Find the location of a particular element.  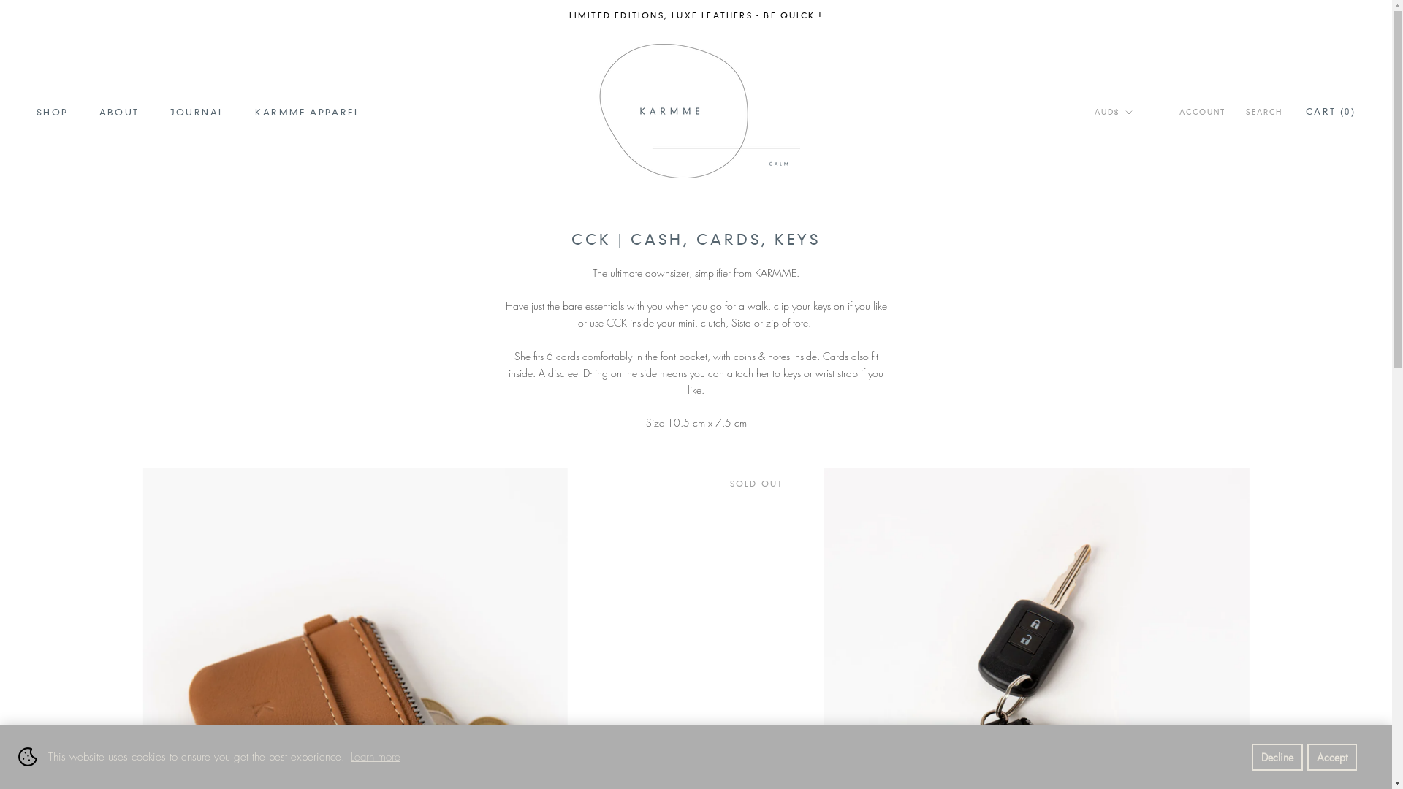

'JOURNAL is located at coordinates (197, 111).